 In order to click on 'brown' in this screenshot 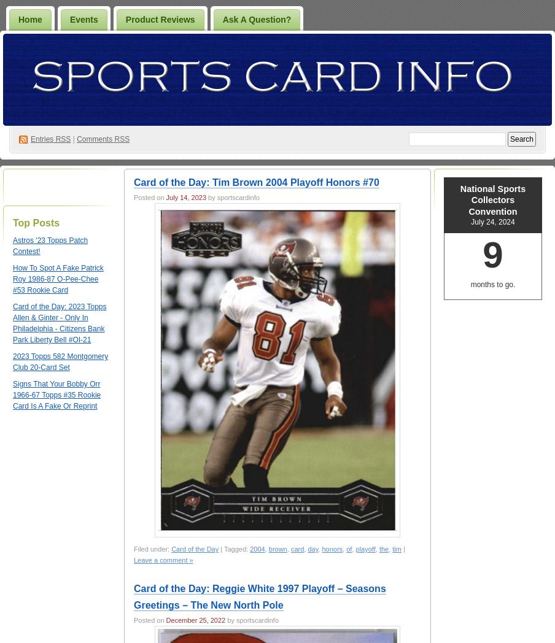, I will do `click(277, 548)`.